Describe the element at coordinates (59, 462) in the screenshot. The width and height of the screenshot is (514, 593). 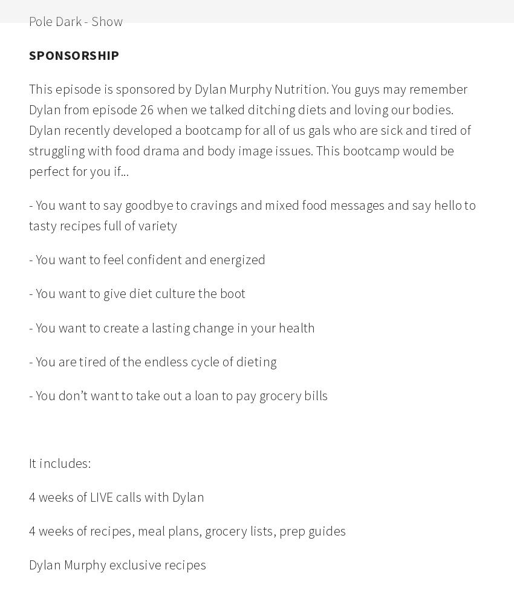
I see `'It includes:'` at that location.